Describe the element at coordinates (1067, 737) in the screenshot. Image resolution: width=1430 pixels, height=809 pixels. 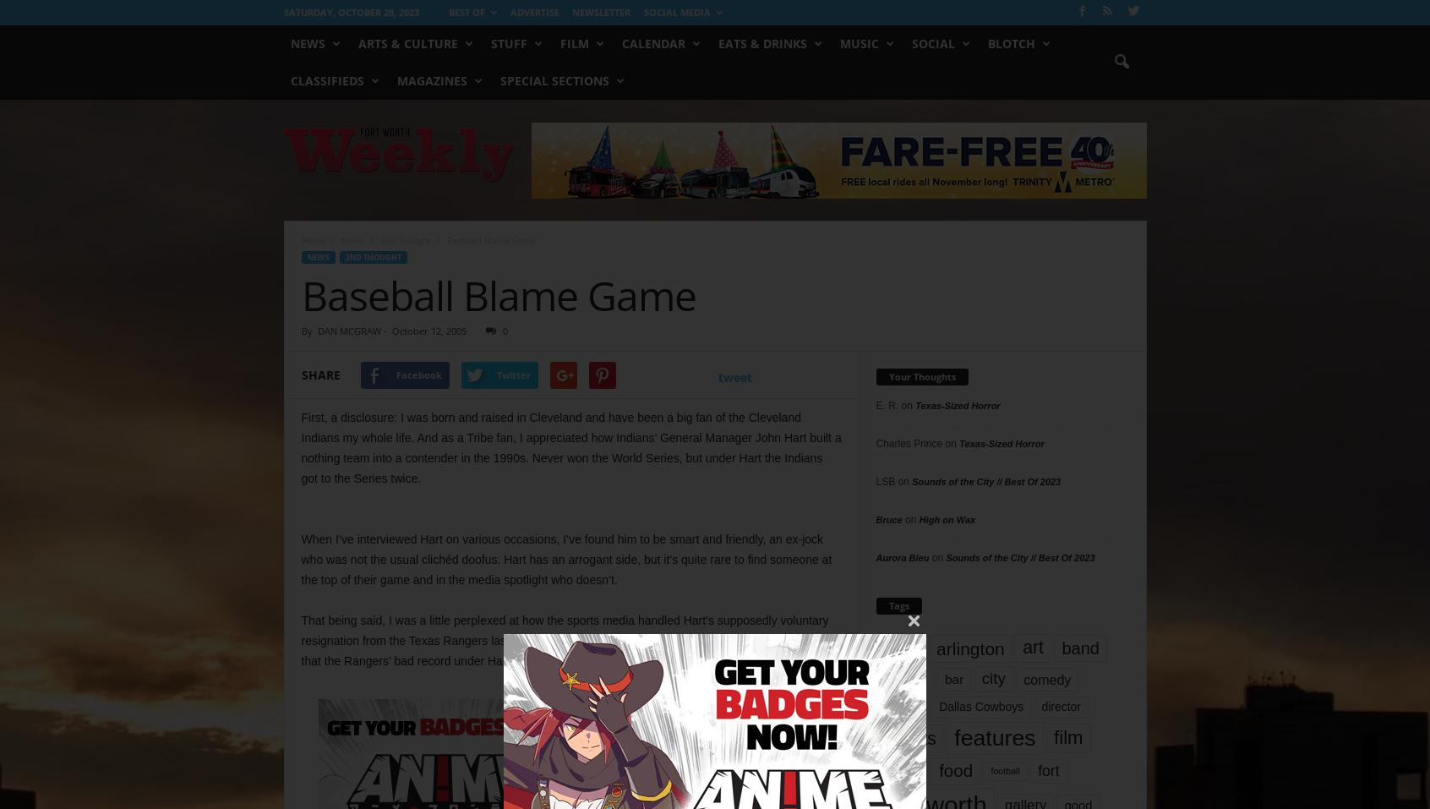
I see `'film'` at that location.